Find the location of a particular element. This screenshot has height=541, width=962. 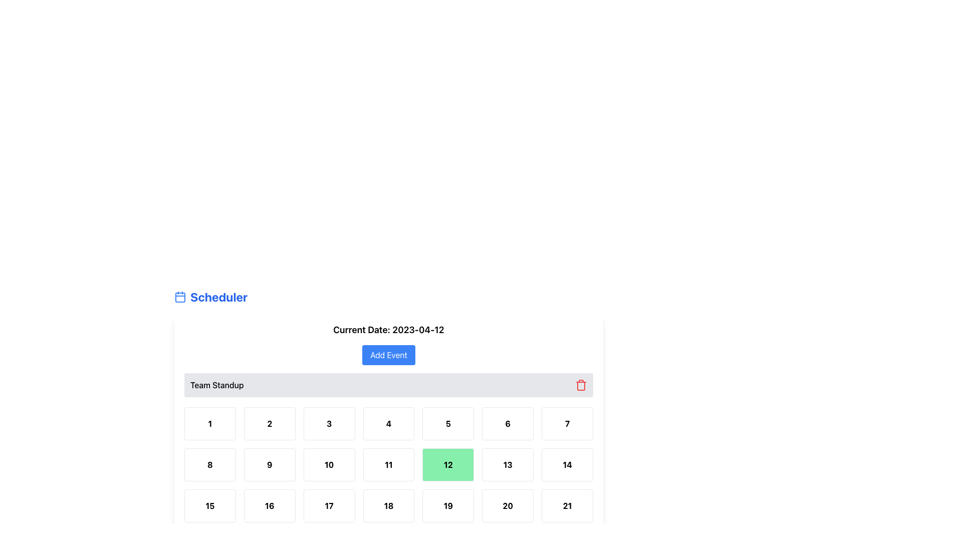

the button that allows users to add a new event, located above the grid of numbers and below the text 'Current Date: 2023-04-12' is located at coordinates (388, 355).